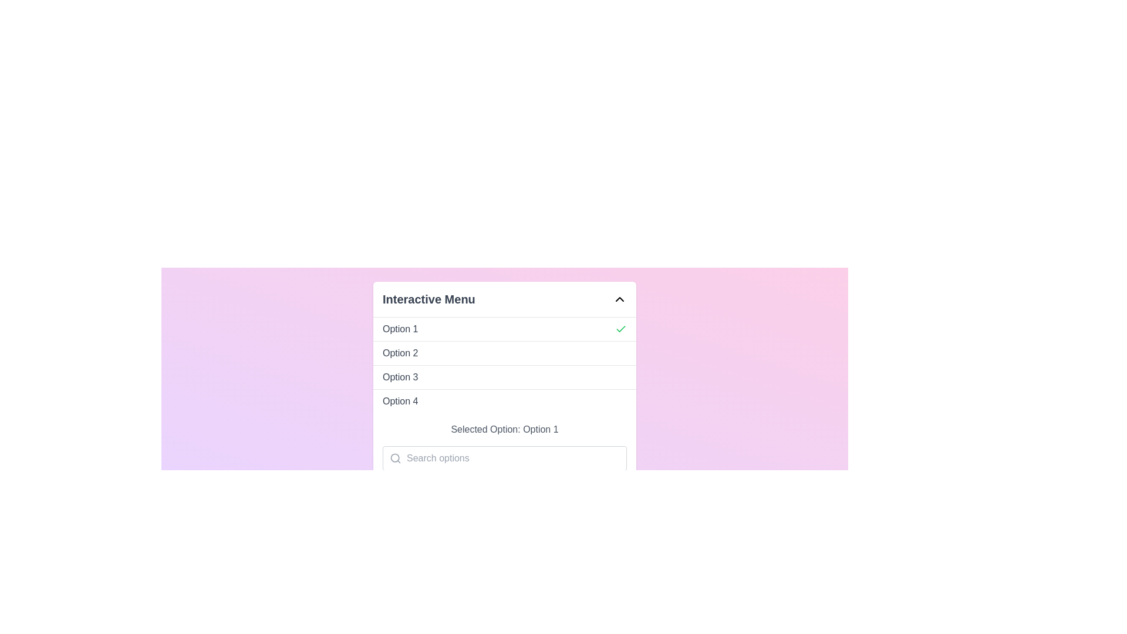 Image resolution: width=1127 pixels, height=634 pixels. What do you see at coordinates (400, 377) in the screenshot?
I see `the label for the third selectable option in the 'Interactive Menu', which is located between 'Option 2' and 'Option 4'` at bounding box center [400, 377].